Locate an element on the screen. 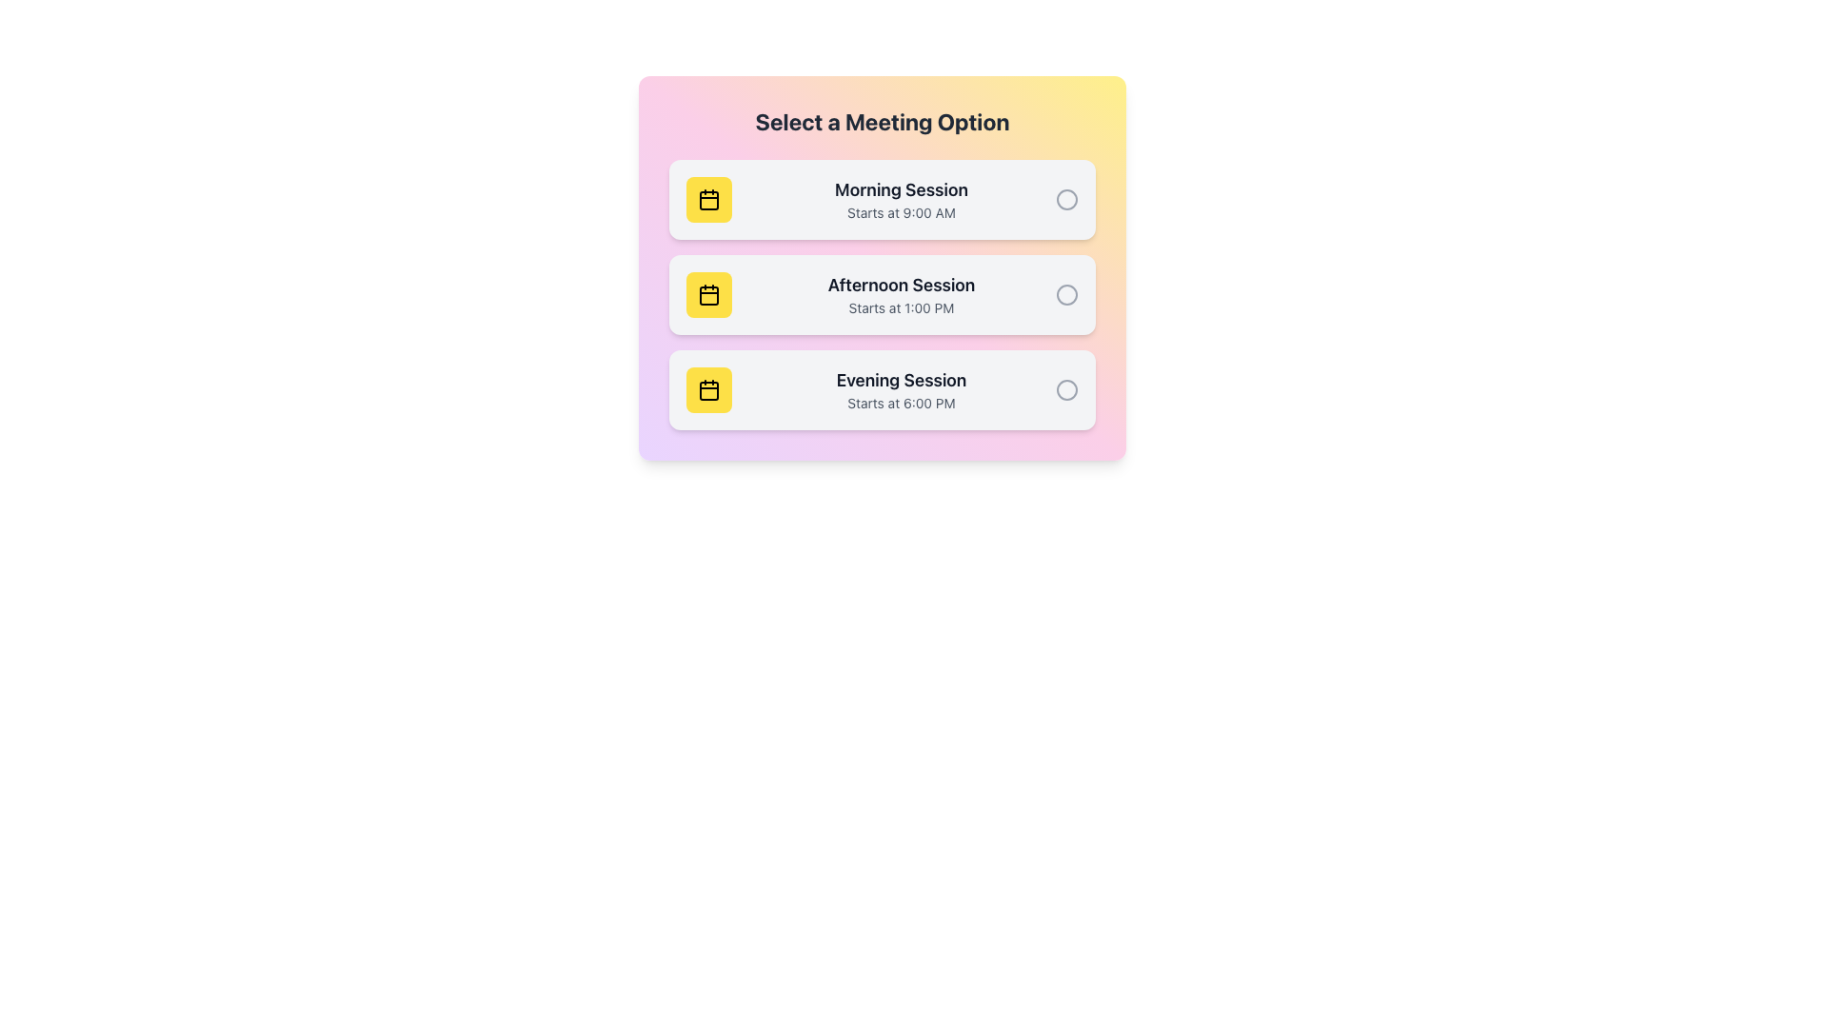 The height and width of the screenshot is (1028, 1828). the yellow square icon with rounded corners that resembles a calendar, located to the left of the text 'Morning Session.' is located at coordinates (707, 199).